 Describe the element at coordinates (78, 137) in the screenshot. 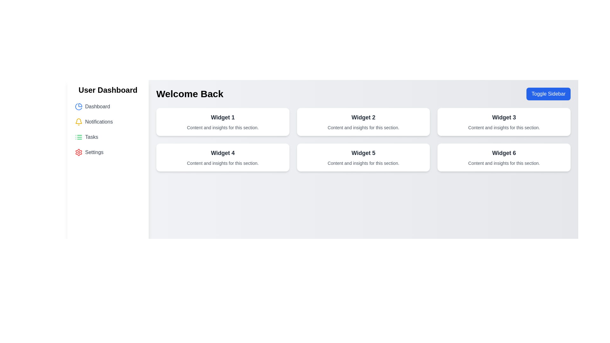

I see `the 'Tasks' icon located in the left sidebar menu, which is positioned to the left of the 'Tasks' label and is the third item in the menu` at that location.